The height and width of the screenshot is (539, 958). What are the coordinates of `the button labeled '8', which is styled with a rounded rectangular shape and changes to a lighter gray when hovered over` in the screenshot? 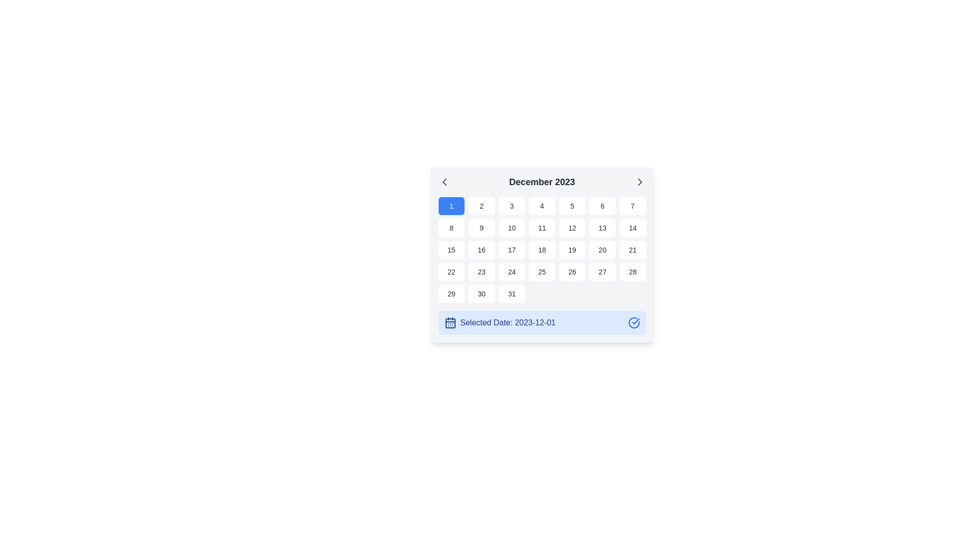 It's located at (451, 228).